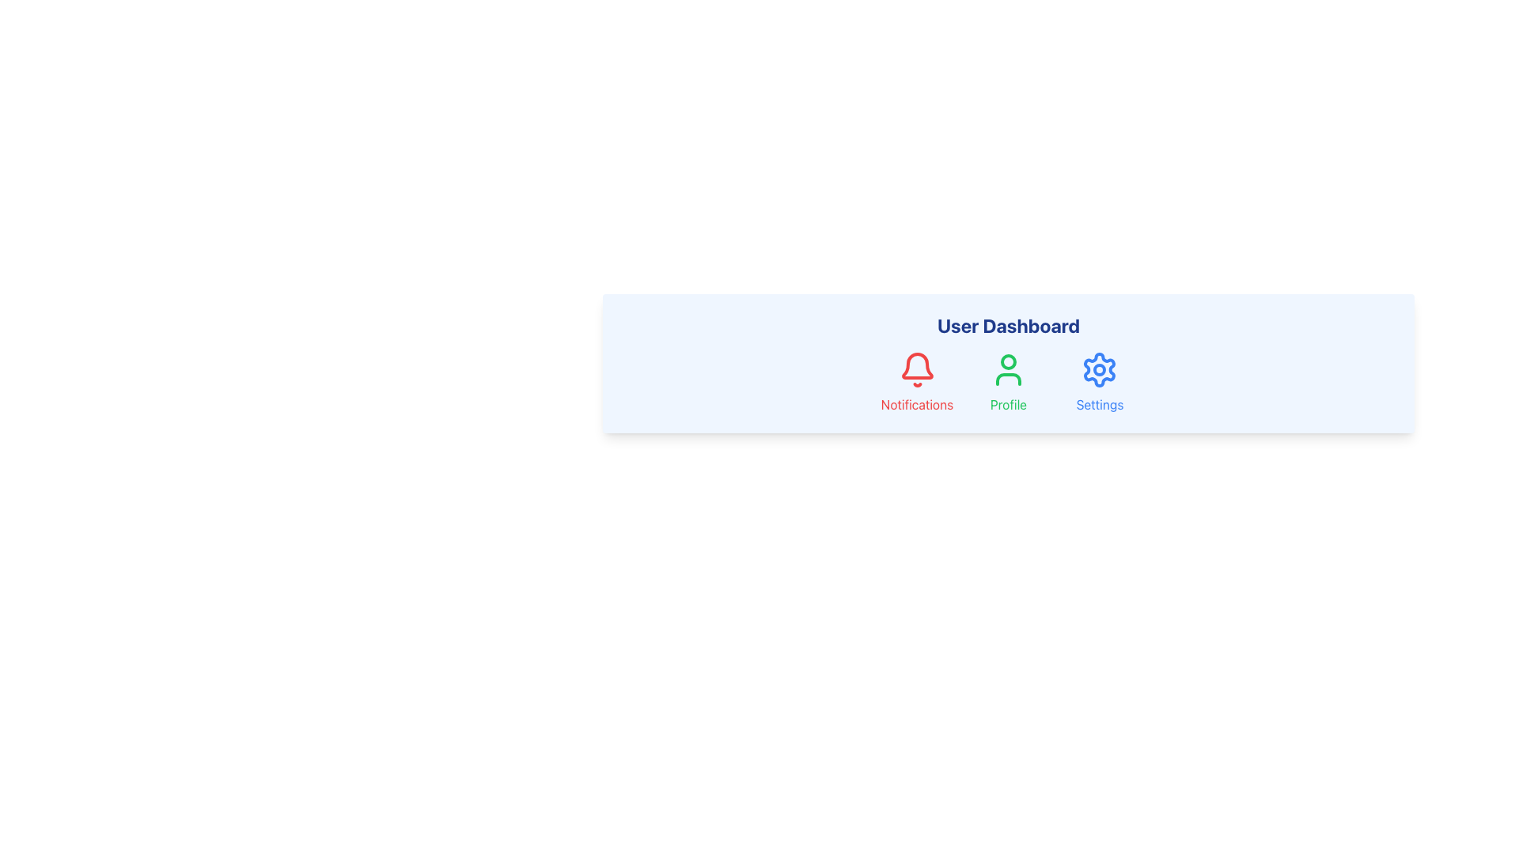 The height and width of the screenshot is (854, 1519). Describe the element at coordinates (916, 382) in the screenshot. I see `the notification icon with label` at that location.